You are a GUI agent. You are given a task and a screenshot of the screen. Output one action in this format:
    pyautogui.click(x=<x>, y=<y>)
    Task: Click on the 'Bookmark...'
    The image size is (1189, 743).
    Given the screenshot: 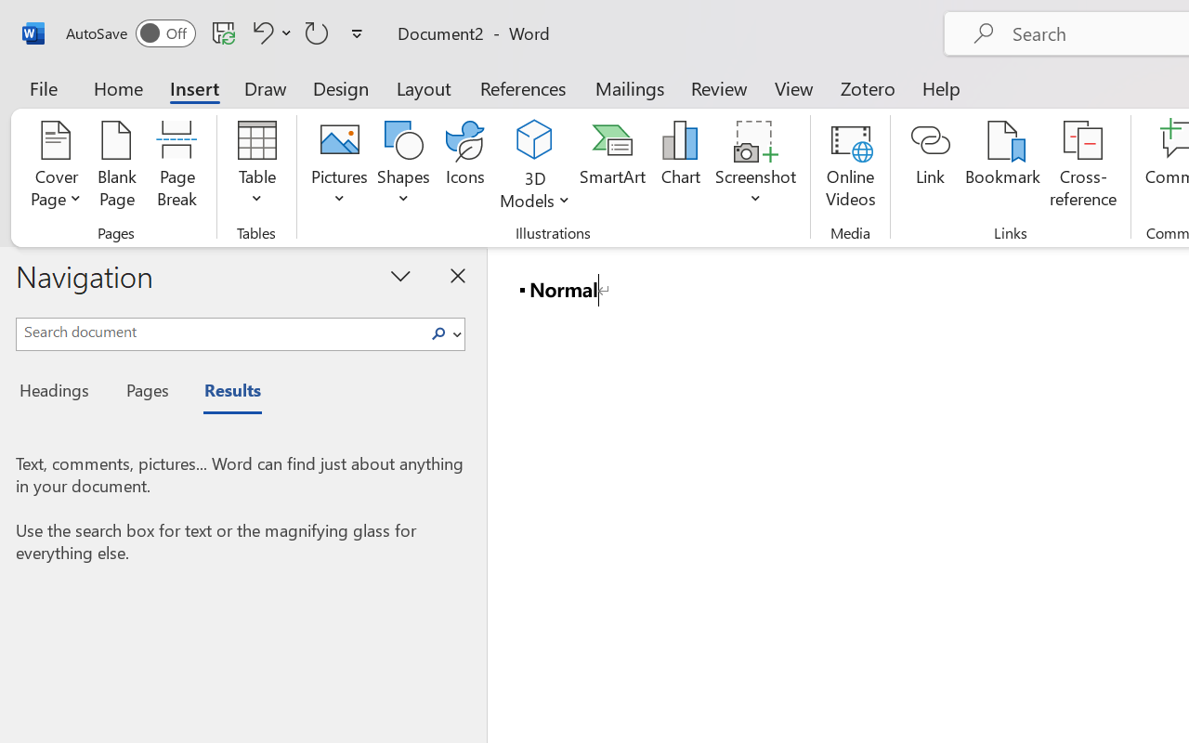 What is the action you would take?
    pyautogui.click(x=1001, y=166)
    